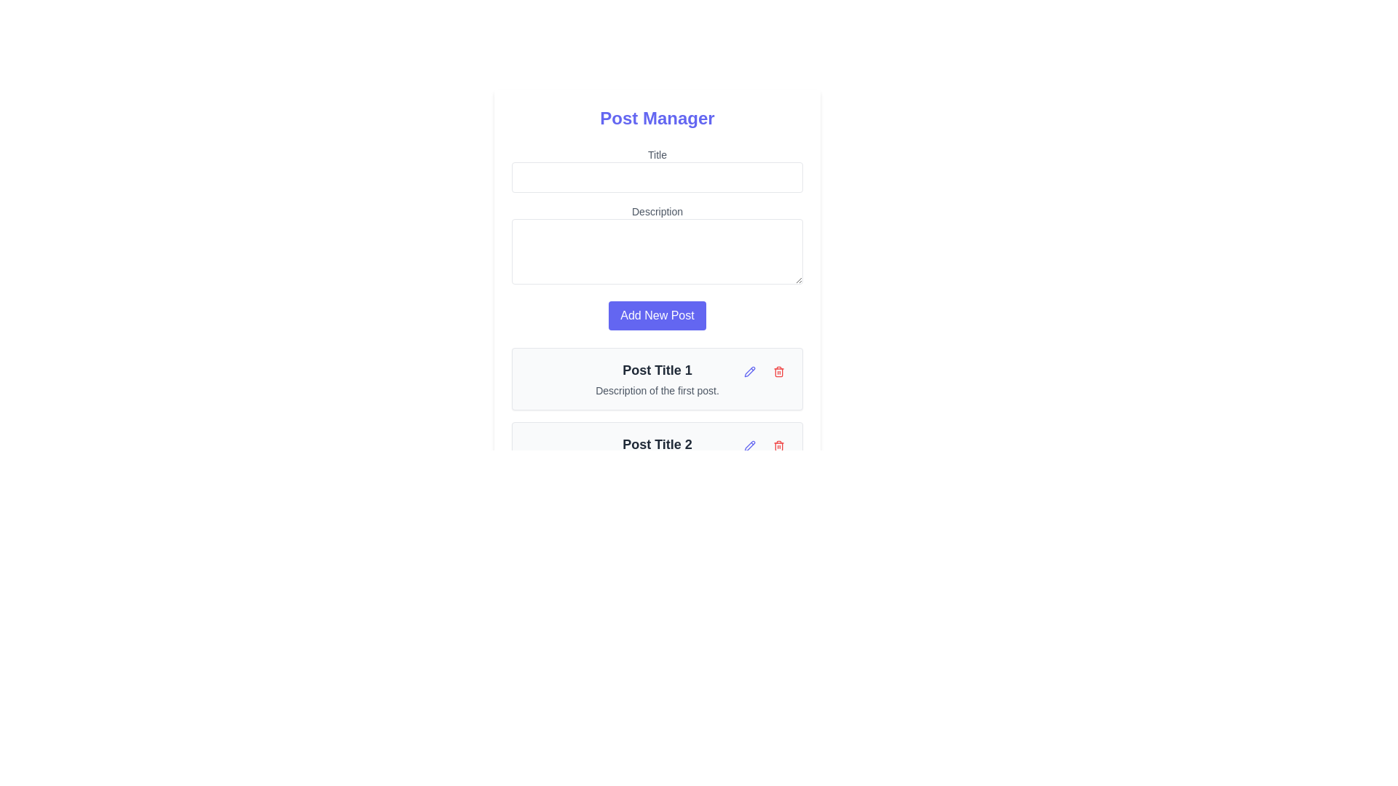 This screenshot has width=1398, height=786. I want to click on the title input field located, so click(656, 170).